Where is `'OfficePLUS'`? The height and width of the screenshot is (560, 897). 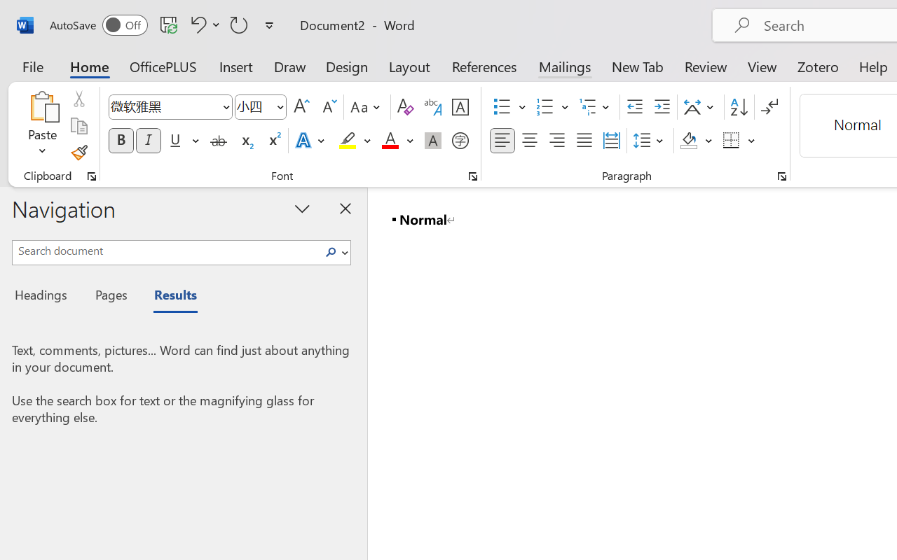
'OfficePLUS' is located at coordinates (163, 66).